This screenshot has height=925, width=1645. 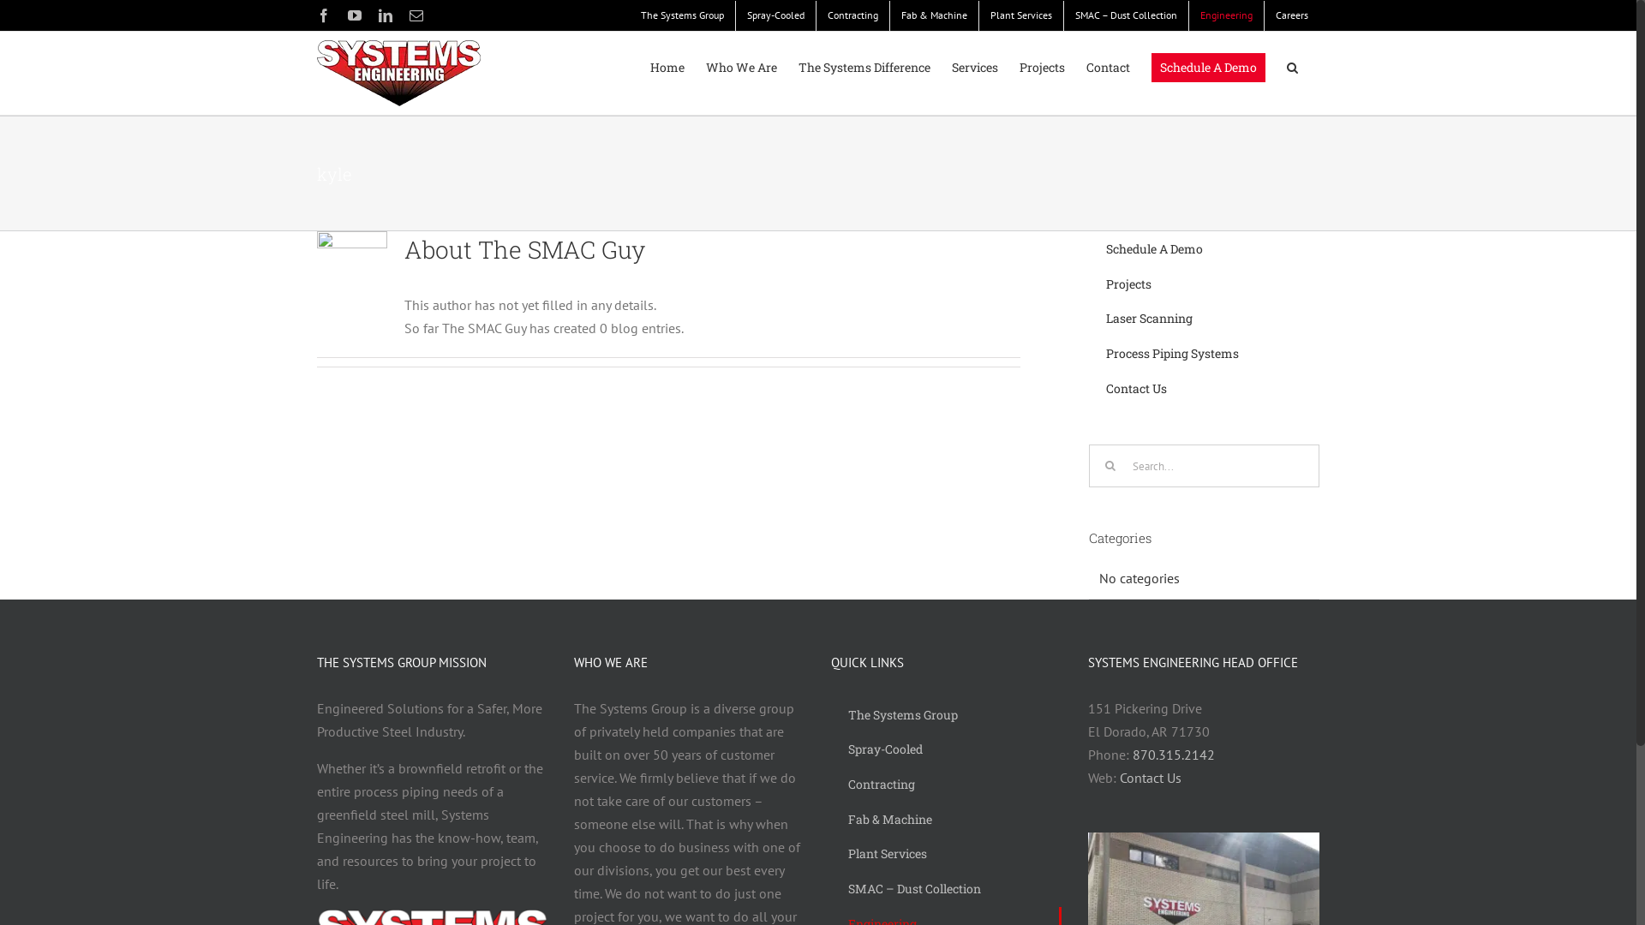 I want to click on 'Fab & Machine', so click(x=945, y=819).